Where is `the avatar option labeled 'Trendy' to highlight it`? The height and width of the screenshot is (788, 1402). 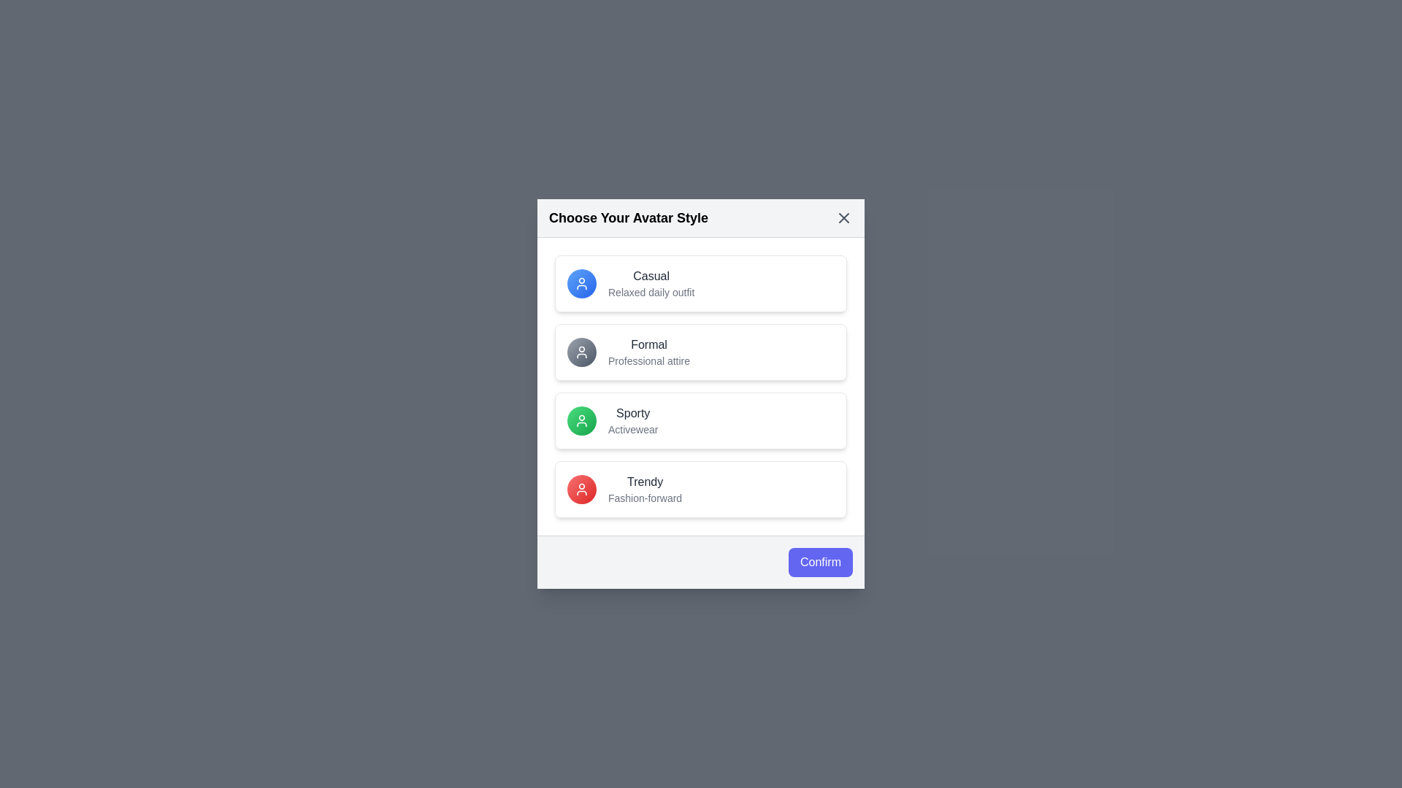
the avatar option labeled 'Trendy' to highlight it is located at coordinates (701, 490).